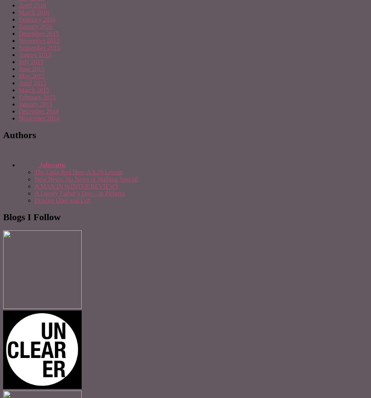 The height and width of the screenshot is (398, 371). Describe the element at coordinates (37, 97) in the screenshot. I see `'February 2015'` at that location.